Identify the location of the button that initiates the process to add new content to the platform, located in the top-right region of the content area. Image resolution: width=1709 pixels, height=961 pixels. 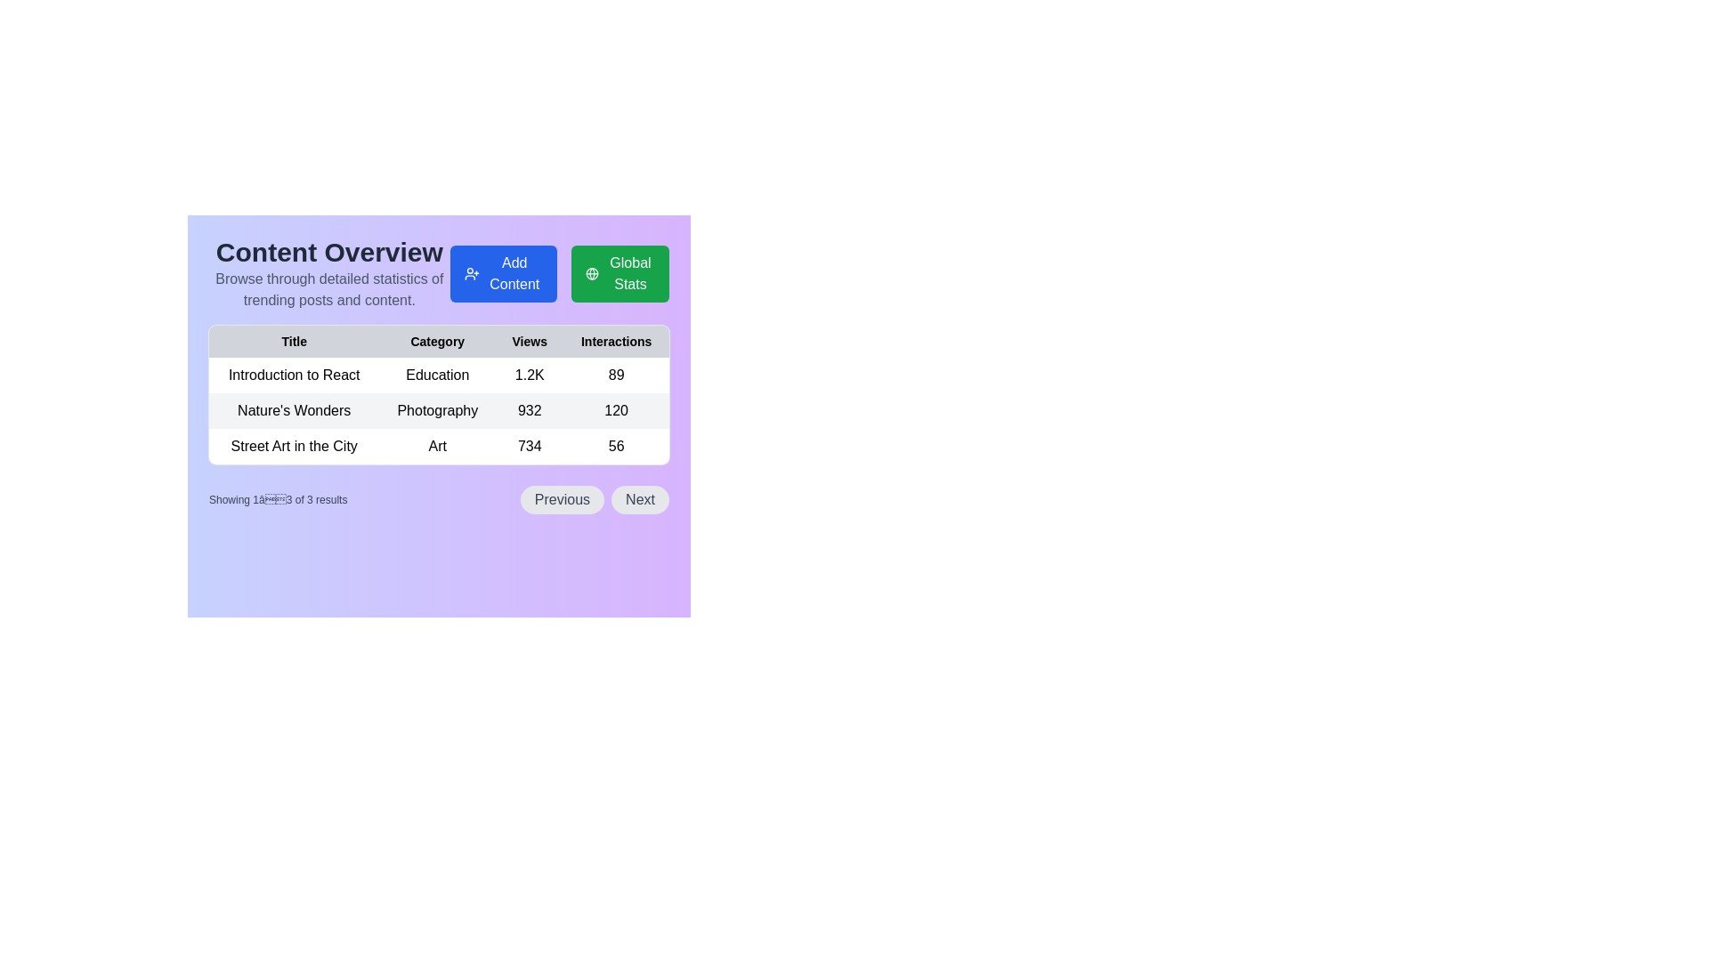
(502, 274).